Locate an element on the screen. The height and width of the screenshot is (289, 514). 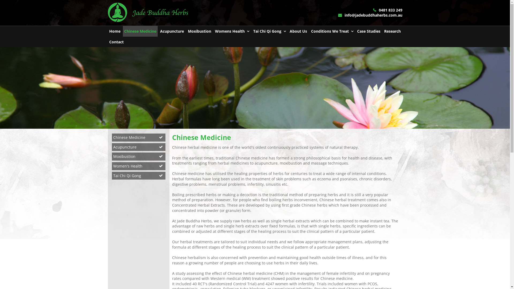
'Moxibustion' is located at coordinates (199, 31).